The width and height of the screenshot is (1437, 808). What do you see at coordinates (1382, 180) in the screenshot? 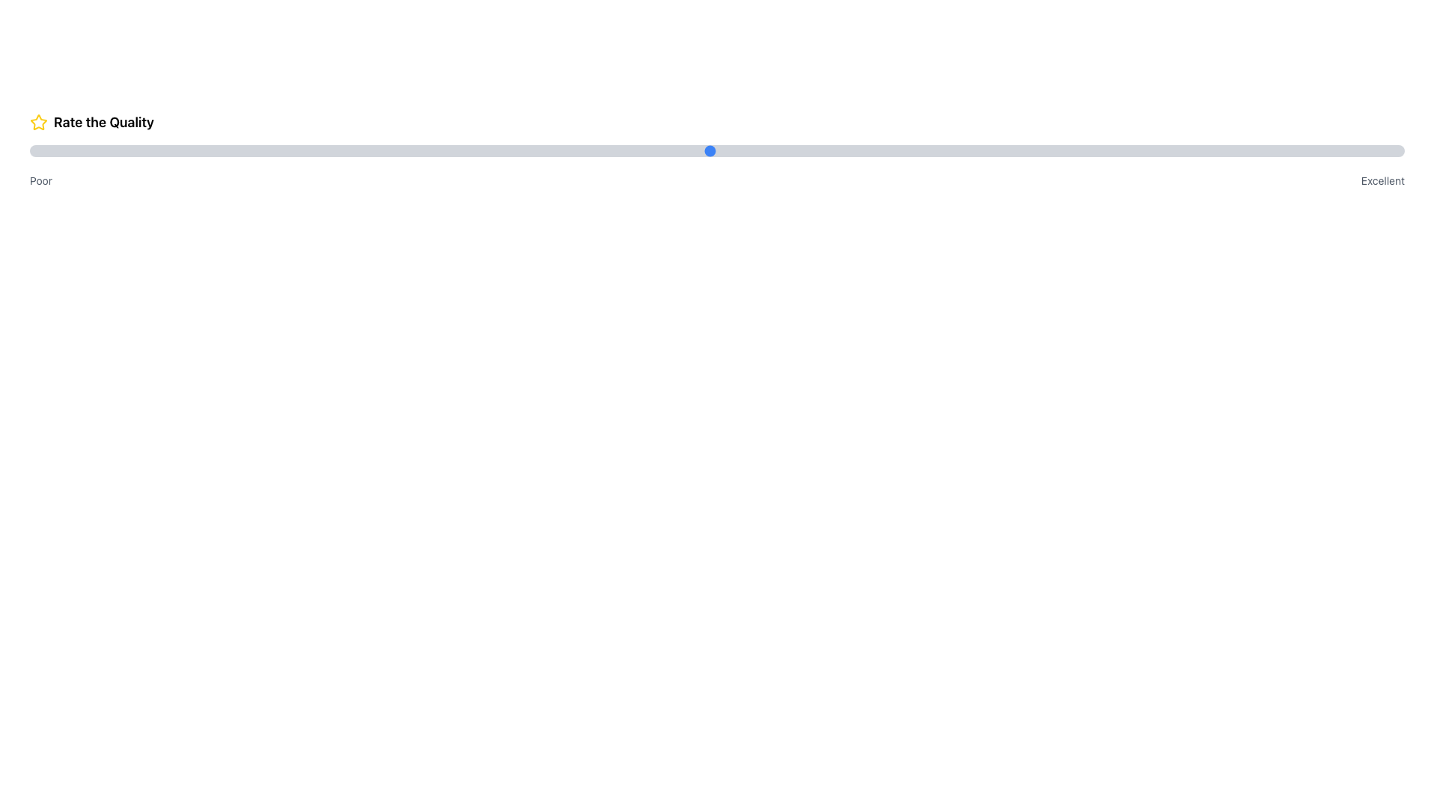
I see `the 'Excellent' static text label located at the far right of the rating scale` at bounding box center [1382, 180].